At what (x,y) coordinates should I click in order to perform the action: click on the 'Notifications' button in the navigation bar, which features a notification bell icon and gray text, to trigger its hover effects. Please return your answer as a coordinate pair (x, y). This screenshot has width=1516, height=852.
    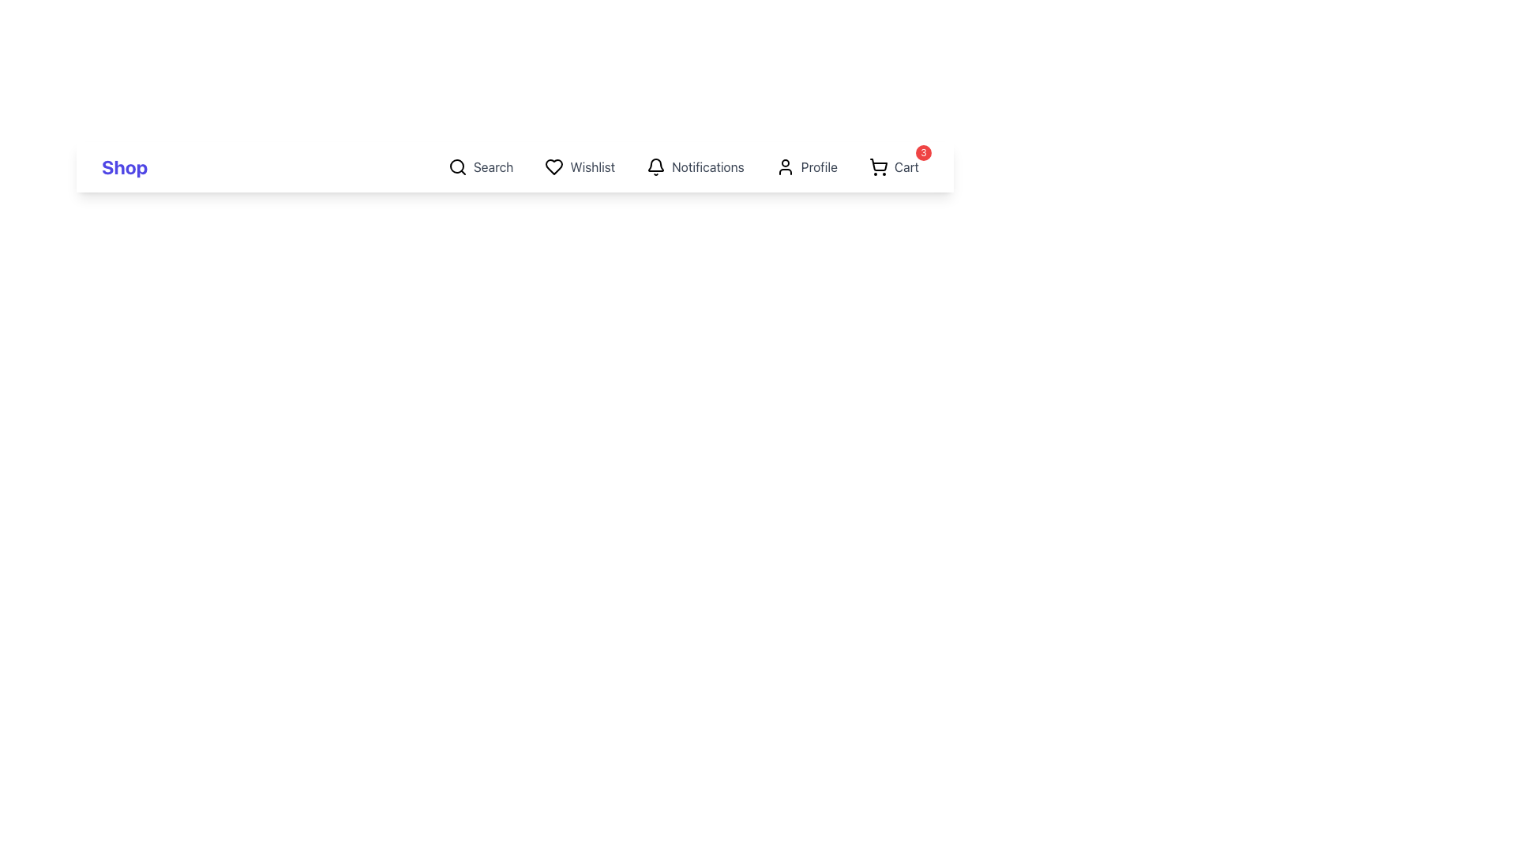
    Looking at the image, I should click on (695, 167).